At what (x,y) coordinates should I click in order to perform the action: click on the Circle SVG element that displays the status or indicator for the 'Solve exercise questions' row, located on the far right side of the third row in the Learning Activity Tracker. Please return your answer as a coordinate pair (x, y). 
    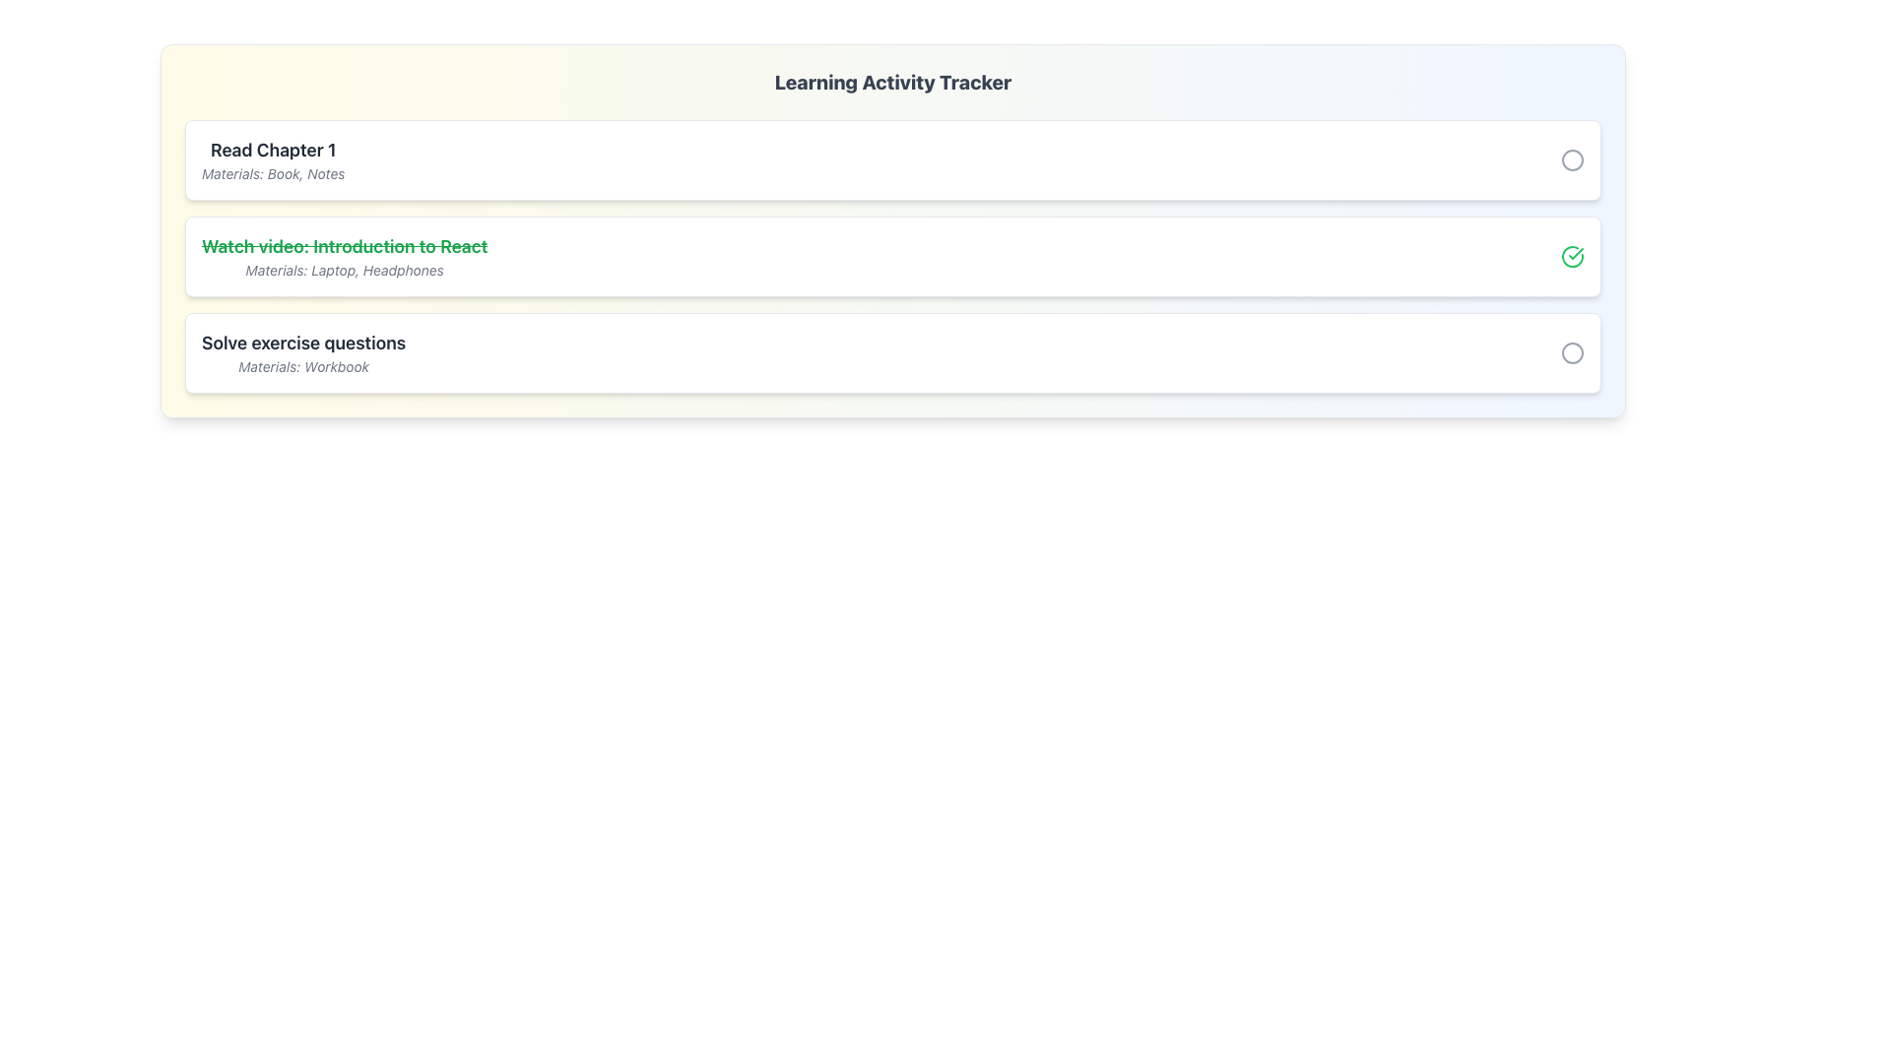
    Looking at the image, I should click on (1572, 351).